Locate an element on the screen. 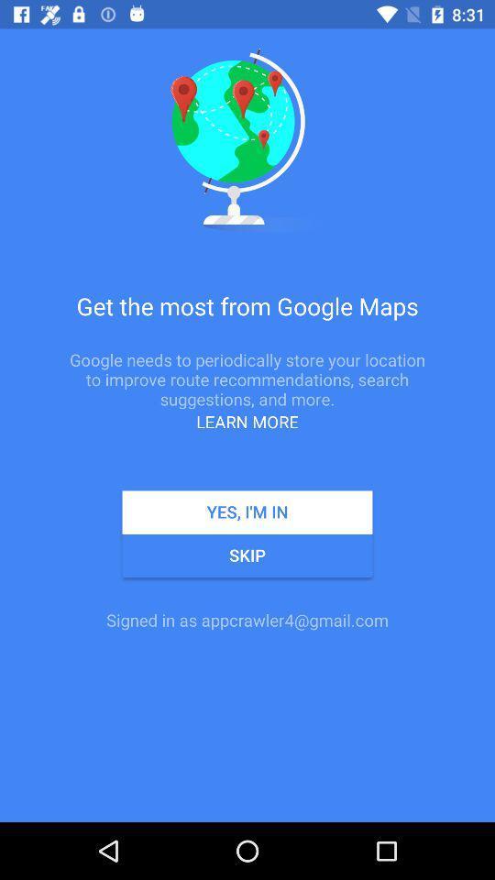 This screenshot has height=880, width=495. the learn more is located at coordinates (247, 422).